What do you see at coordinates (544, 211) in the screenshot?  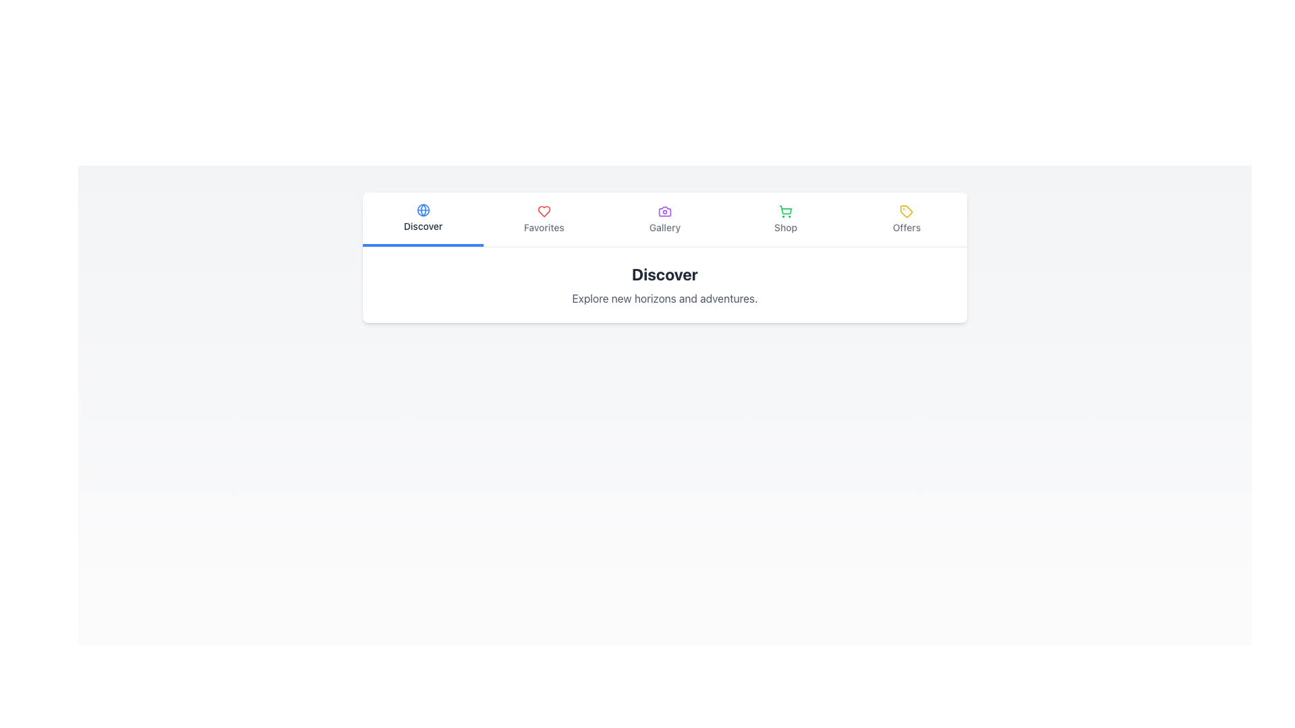 I see `the favorites icon located` at bounding box center [544, 211].